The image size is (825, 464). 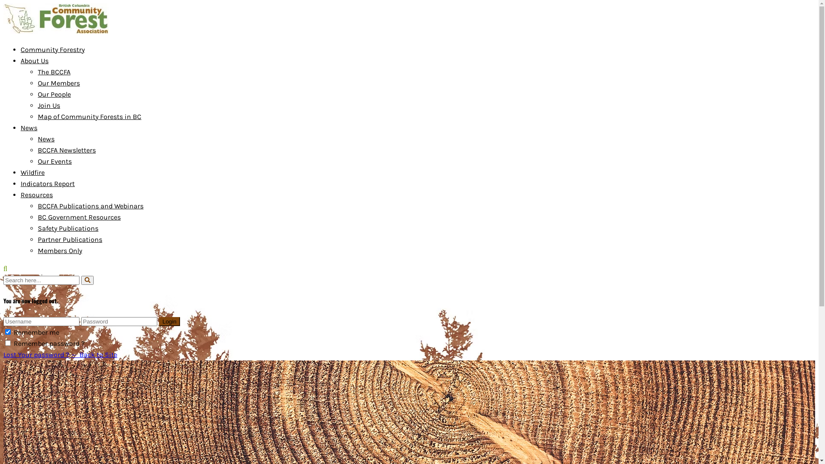 What do you see at coordinates (79, 217) in the screenshot?
I see `'BC Government Resources'` at bounding box center [79, 217].